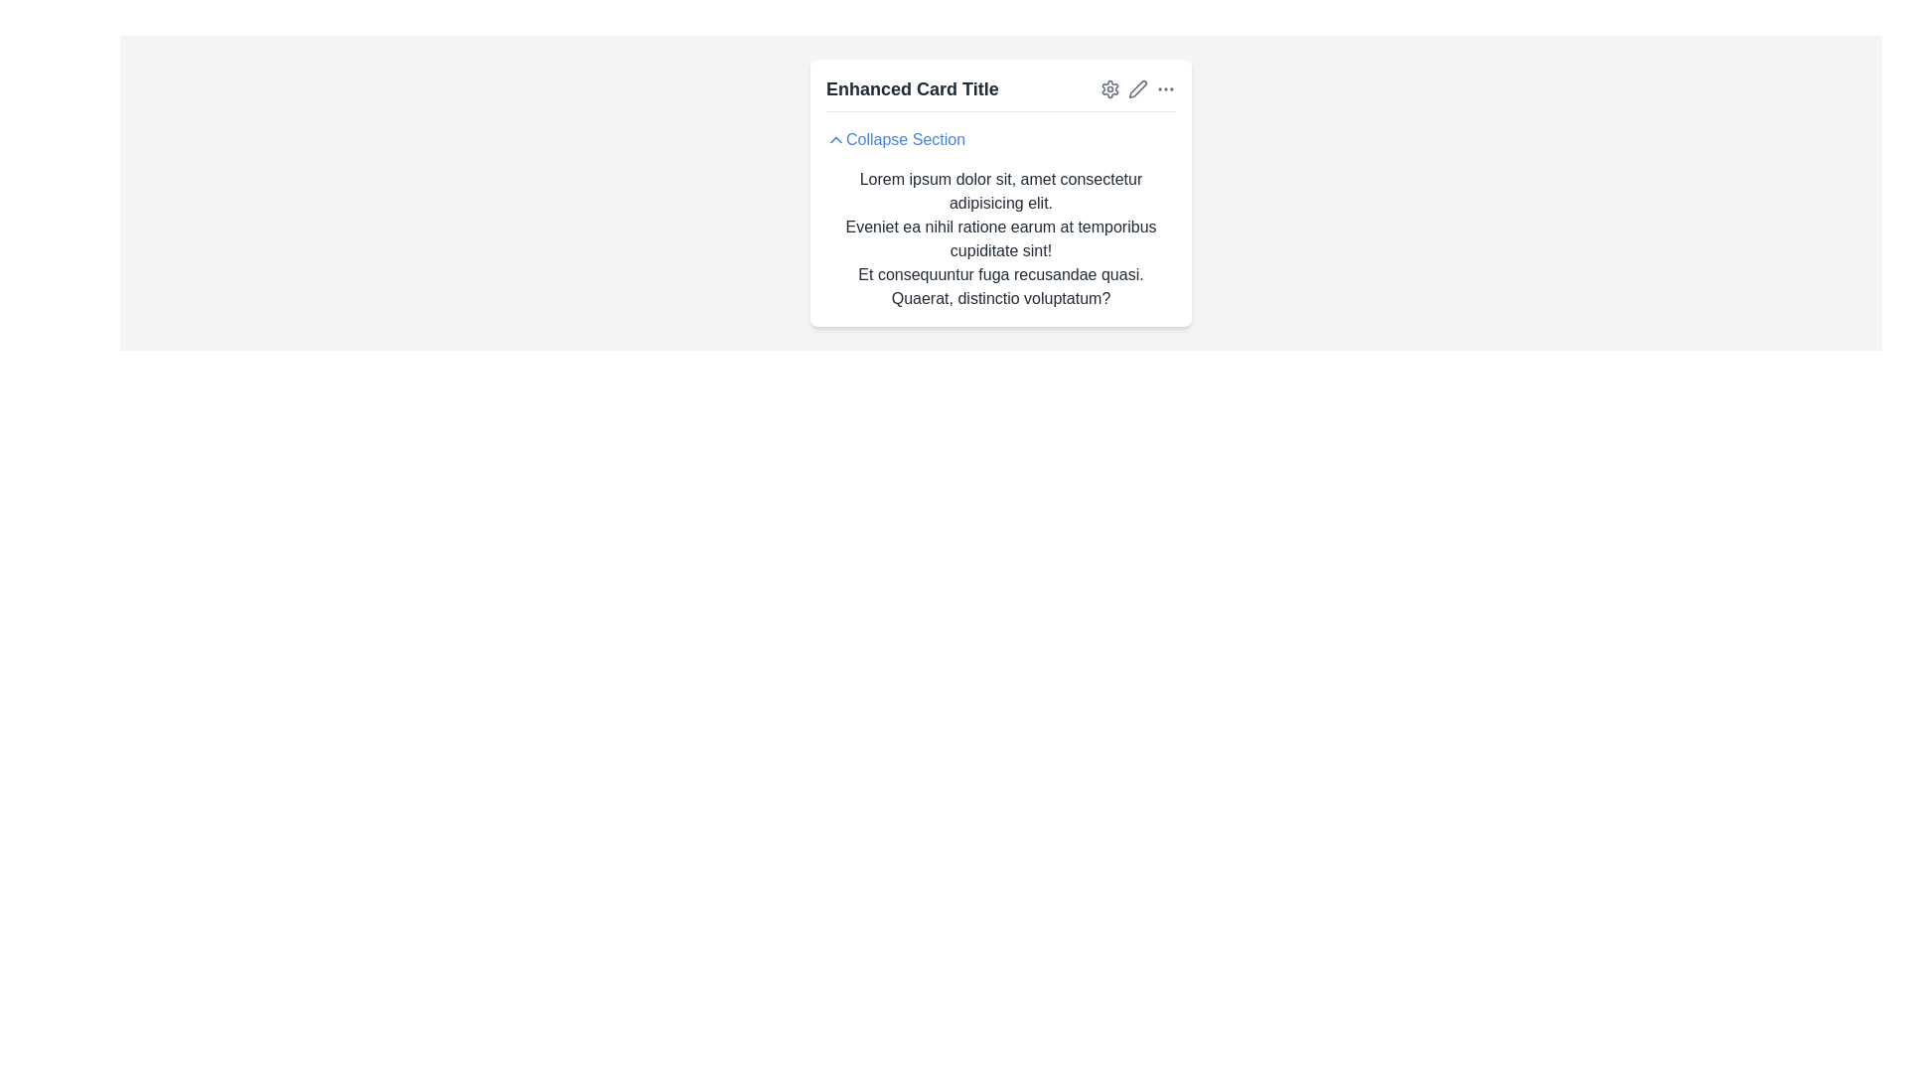  Describe the element at coordinates (835, 139) in the screenshot. I see `the chevron-up icon, which is a hollow blue outlined upward-pointing arrowhead located to the left of the 'Collapse Section' text in the 'Enhanced Card Title' area` at that location.